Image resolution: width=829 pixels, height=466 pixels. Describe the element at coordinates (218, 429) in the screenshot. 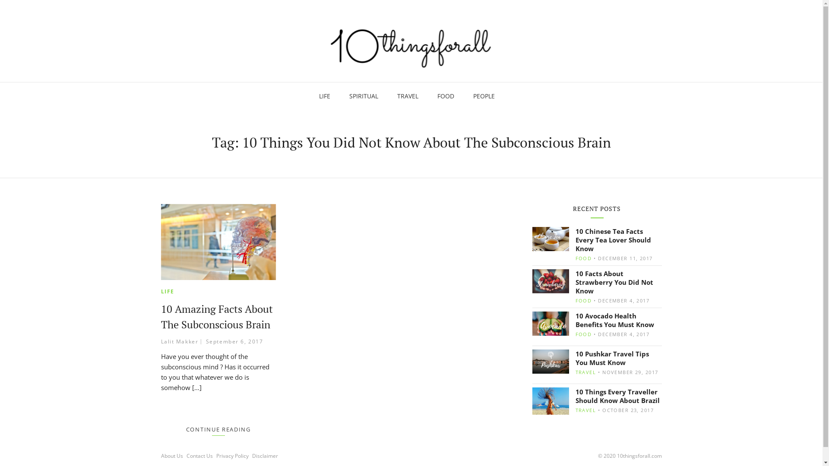

I see `'CONTINUE READING'` at that location.